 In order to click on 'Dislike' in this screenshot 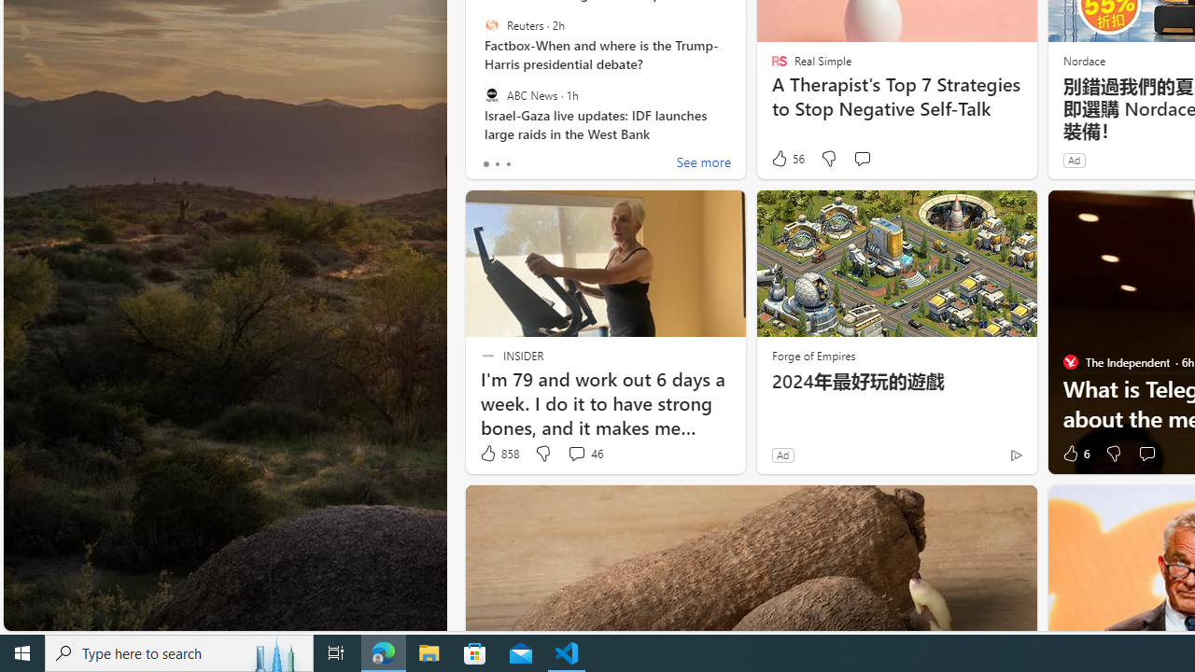, I will do `click(1113, 454)`.